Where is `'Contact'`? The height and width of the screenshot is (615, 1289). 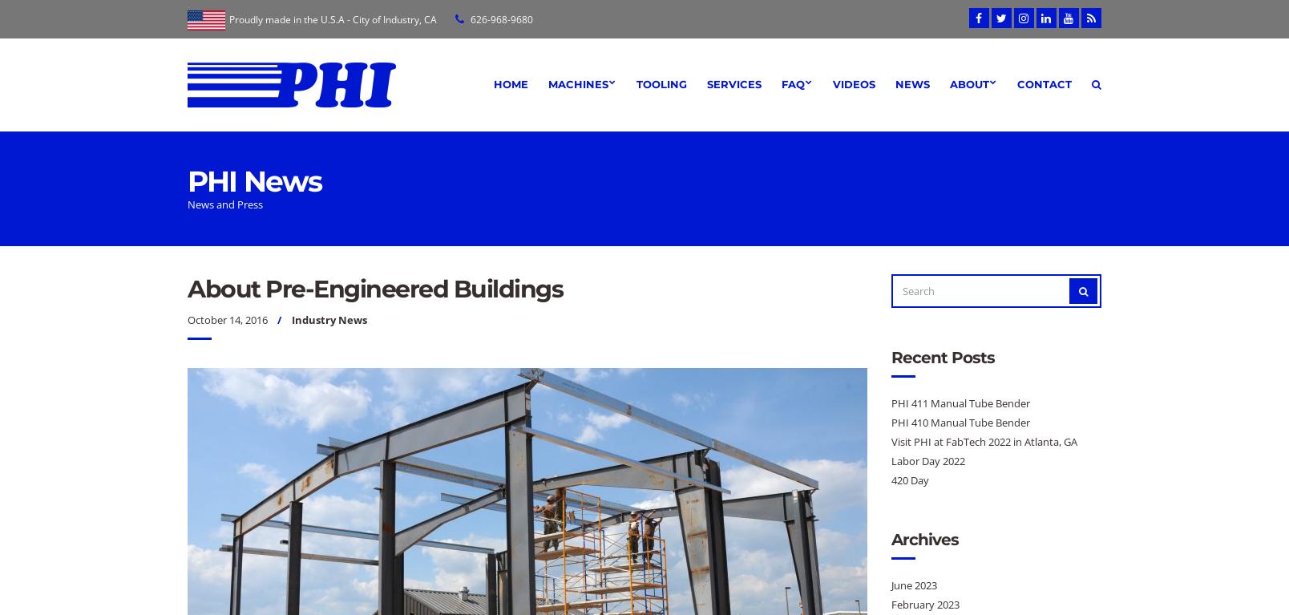
'Contact' is located at coordinates (1044, 83).